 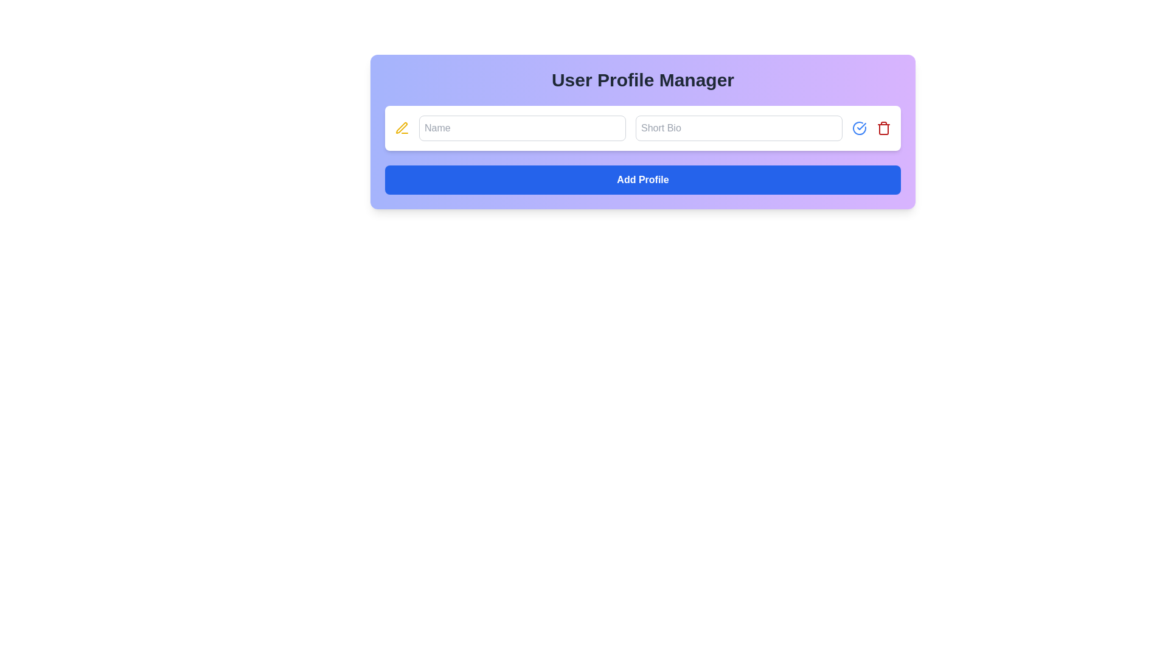 What do you see at coordinates (402, 128) in the screenshot?
I see `the pen icon with a yellow stroke color located to the far left within the input card, adjacent to the 'Name' text field` at bounding box center [402, 128].